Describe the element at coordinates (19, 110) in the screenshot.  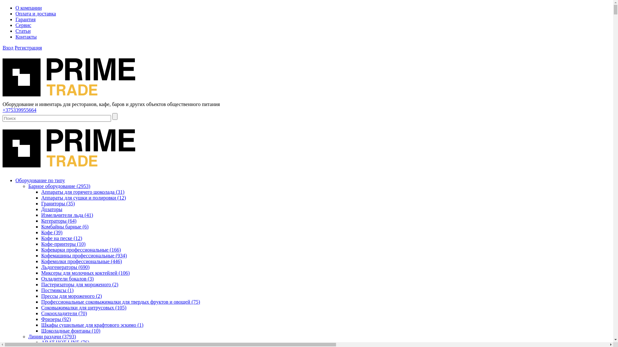
I see `'+375339955664'` at that location.